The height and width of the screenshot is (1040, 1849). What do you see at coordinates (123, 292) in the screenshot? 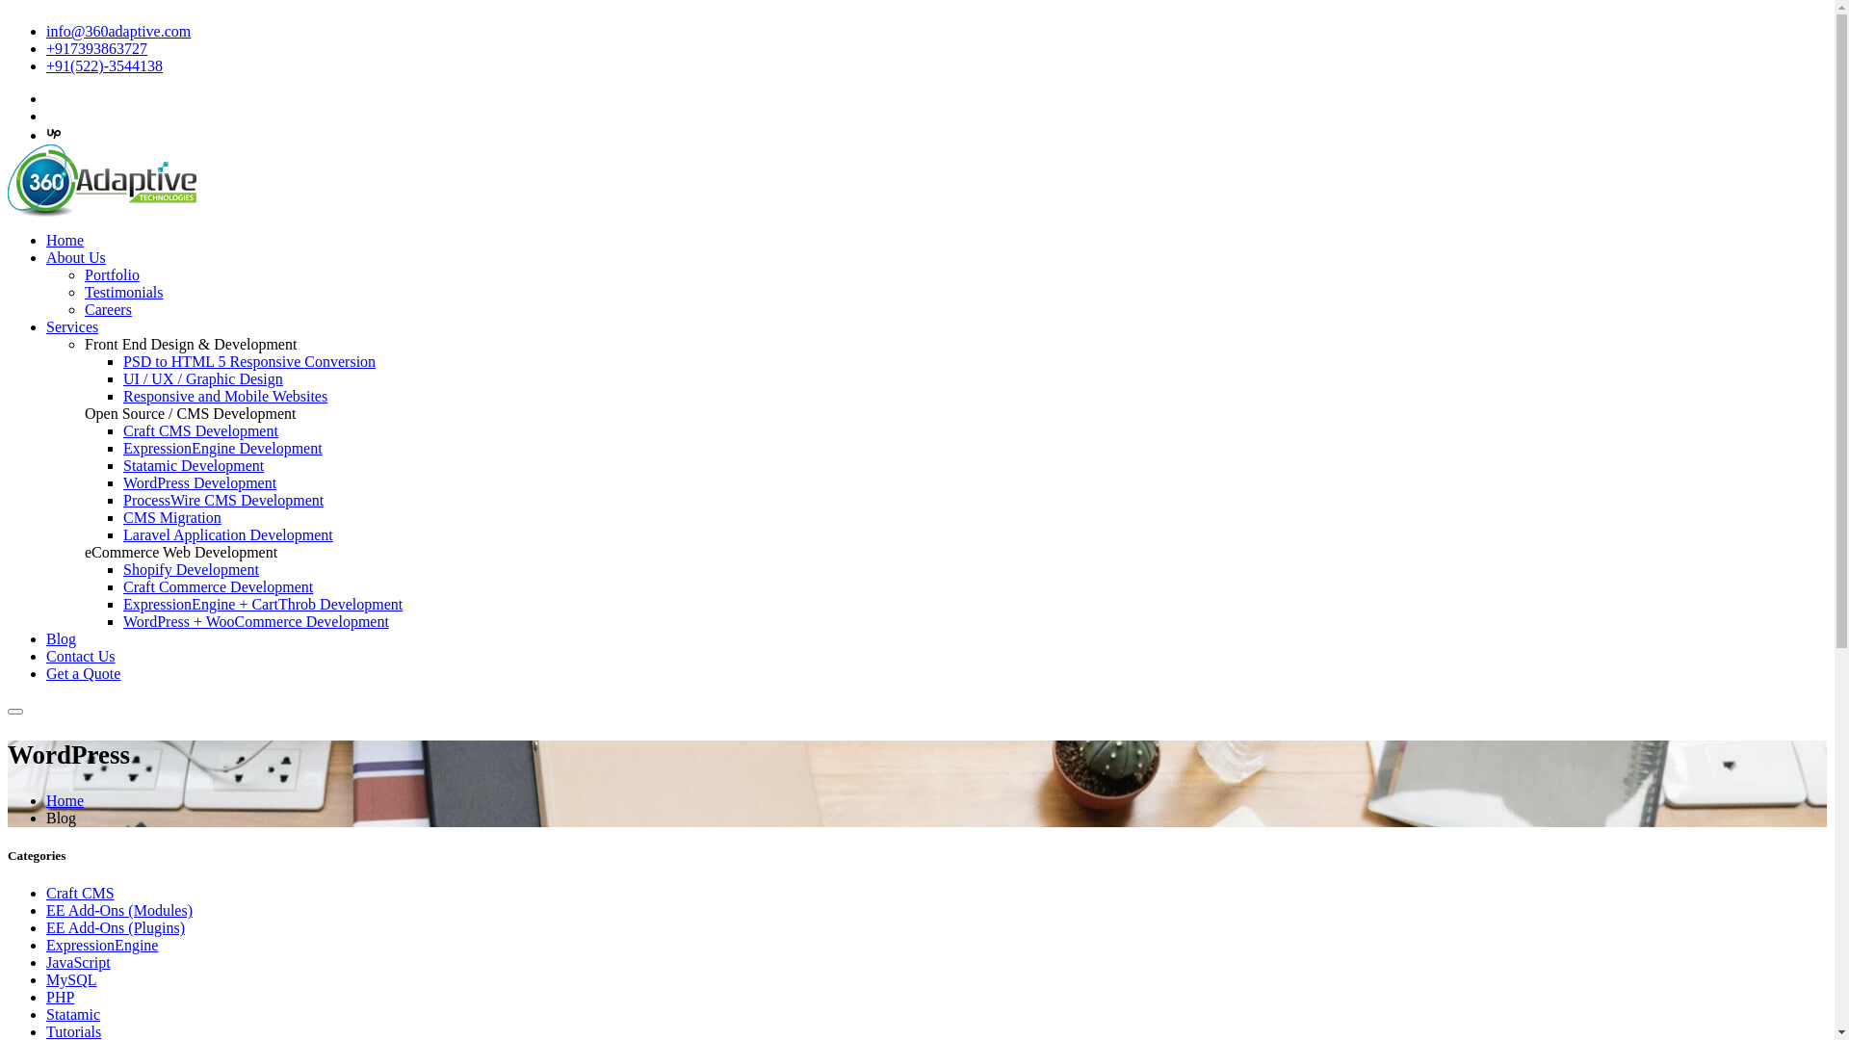
I see `'Testimonials'` at bounding box center [123, 292].